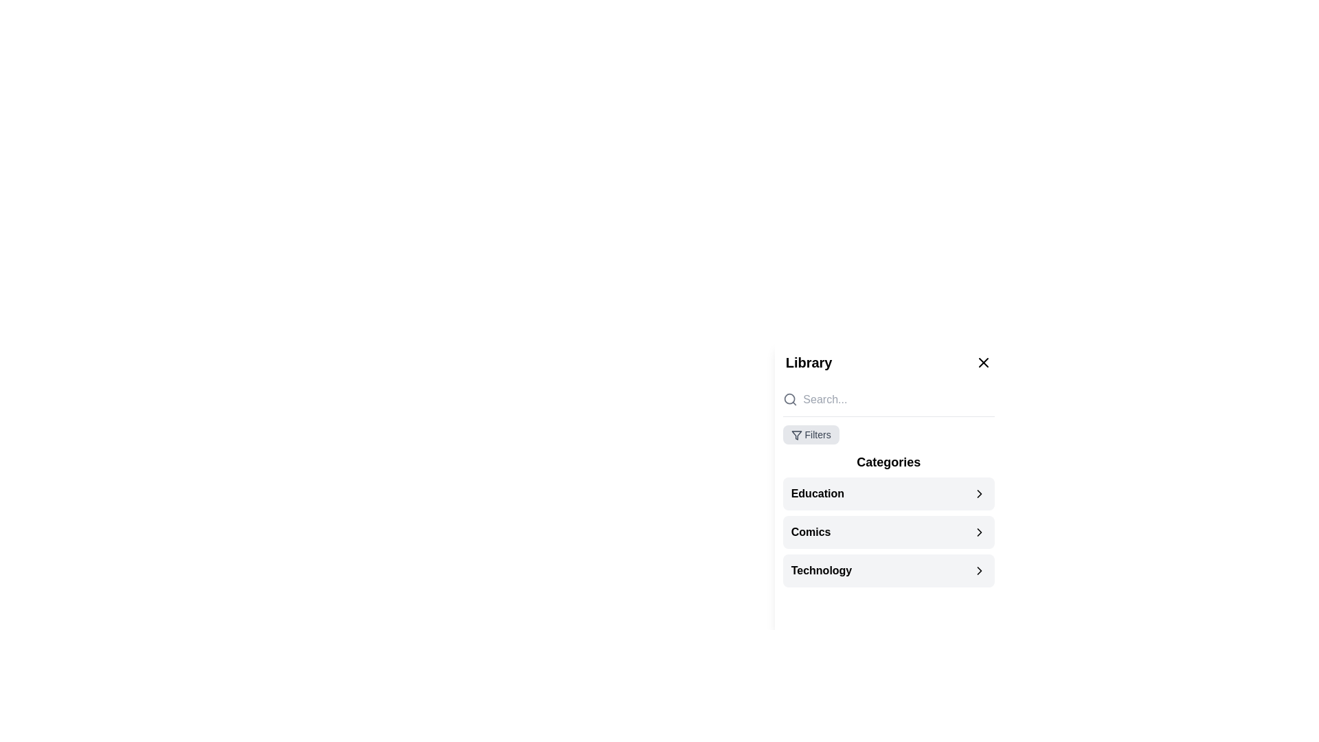  Describe the element at coordinates (978, 532) in the screenshot. I see `the right-pointing chevron icon located at the far right side of the 'Comics' category row` at that location.